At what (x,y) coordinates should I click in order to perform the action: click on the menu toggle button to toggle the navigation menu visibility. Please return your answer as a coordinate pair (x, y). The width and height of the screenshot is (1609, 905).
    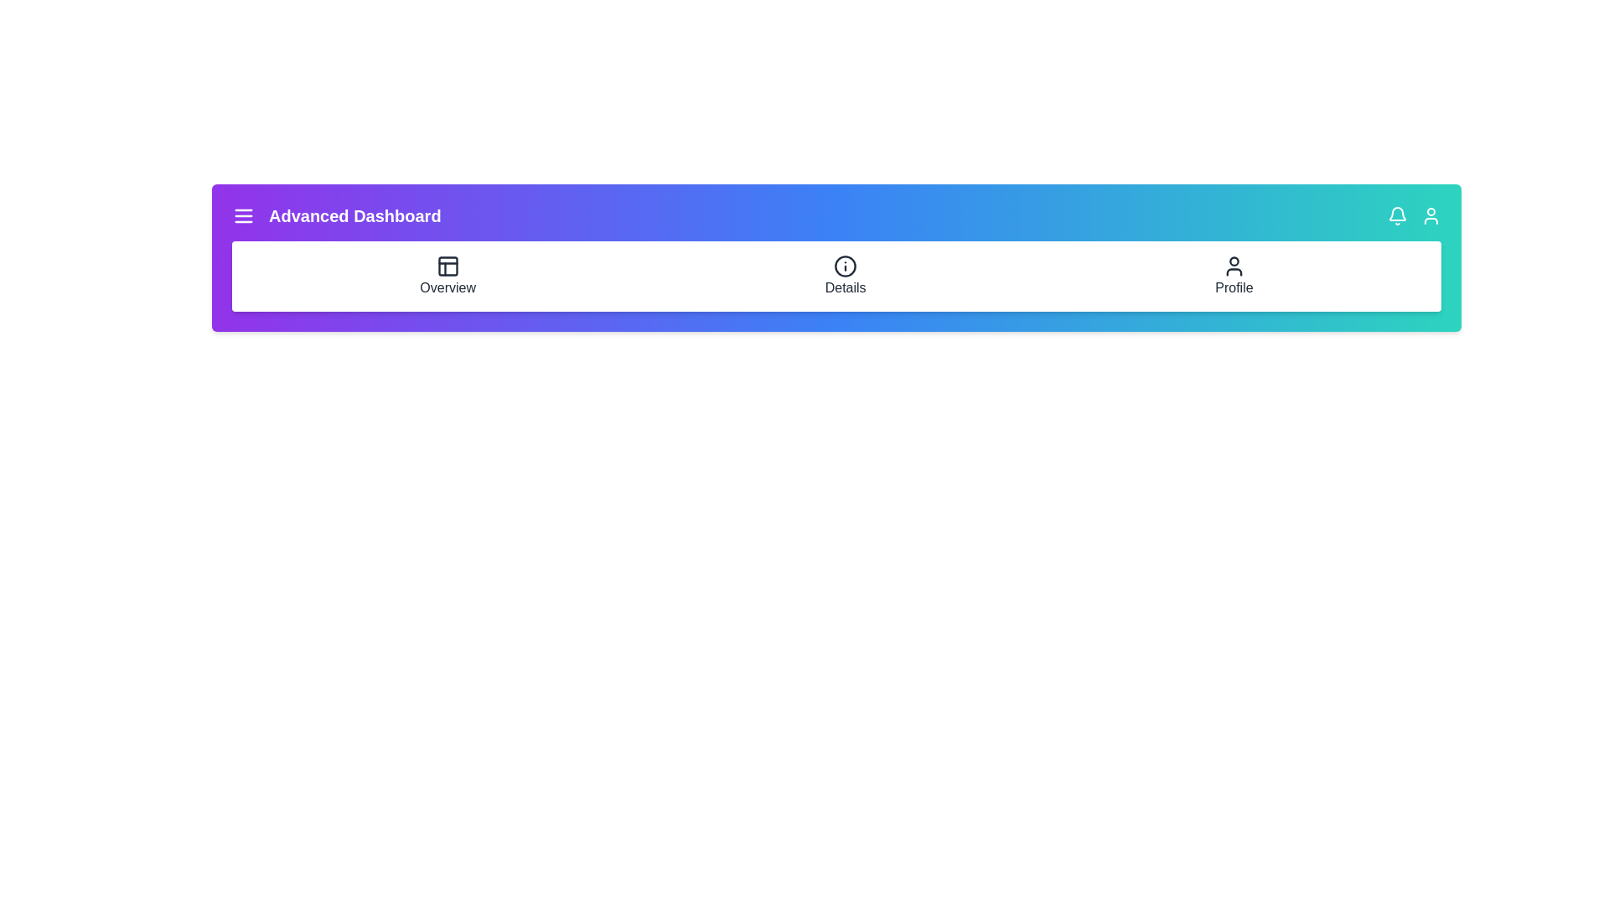
    Looking at the image, I should click on (243, 215).